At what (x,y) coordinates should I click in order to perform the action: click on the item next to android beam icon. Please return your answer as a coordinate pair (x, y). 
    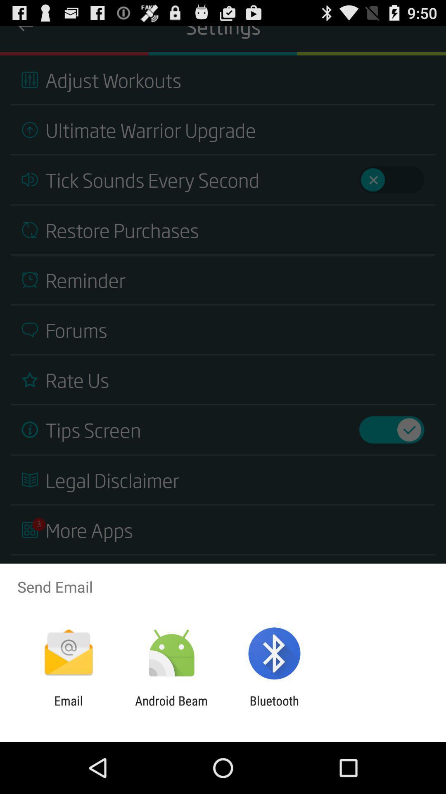
    Looking at the image, I should click on (274, 708).